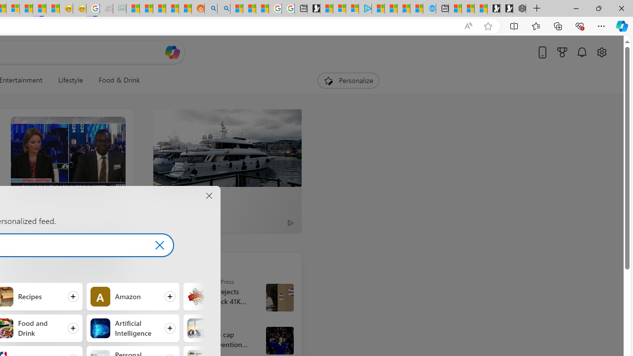 The width and height of the screenshot is (633, 356). What do you see at coordinates (223, 8) in the screenshot?
I see `'Utah sues federal government - Search'` at bounding box center [223, 8].